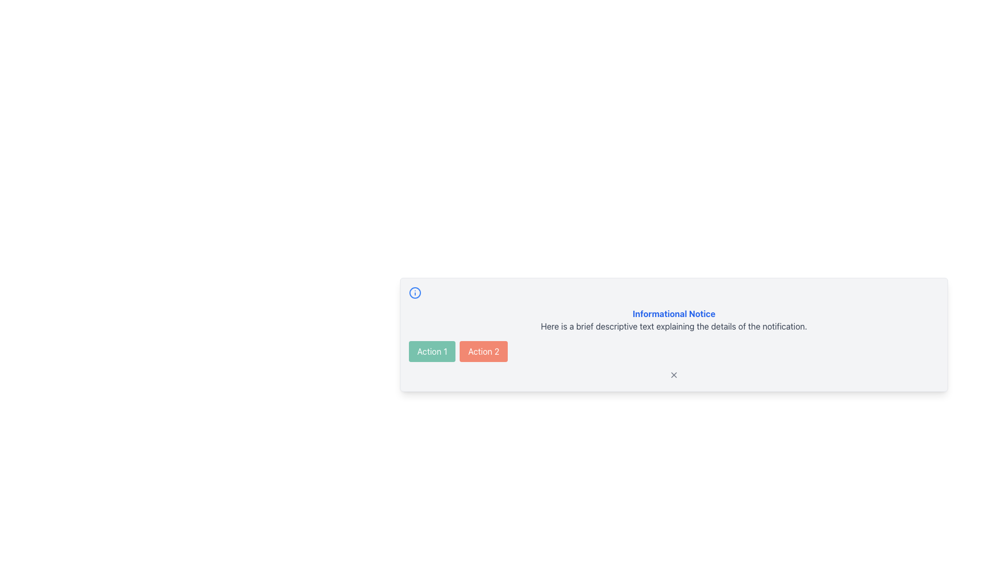 Image resolution: width=1004 pixels, height=565 pixels. I want to click on the second button labeled 'Action 2', so click(483, 351).